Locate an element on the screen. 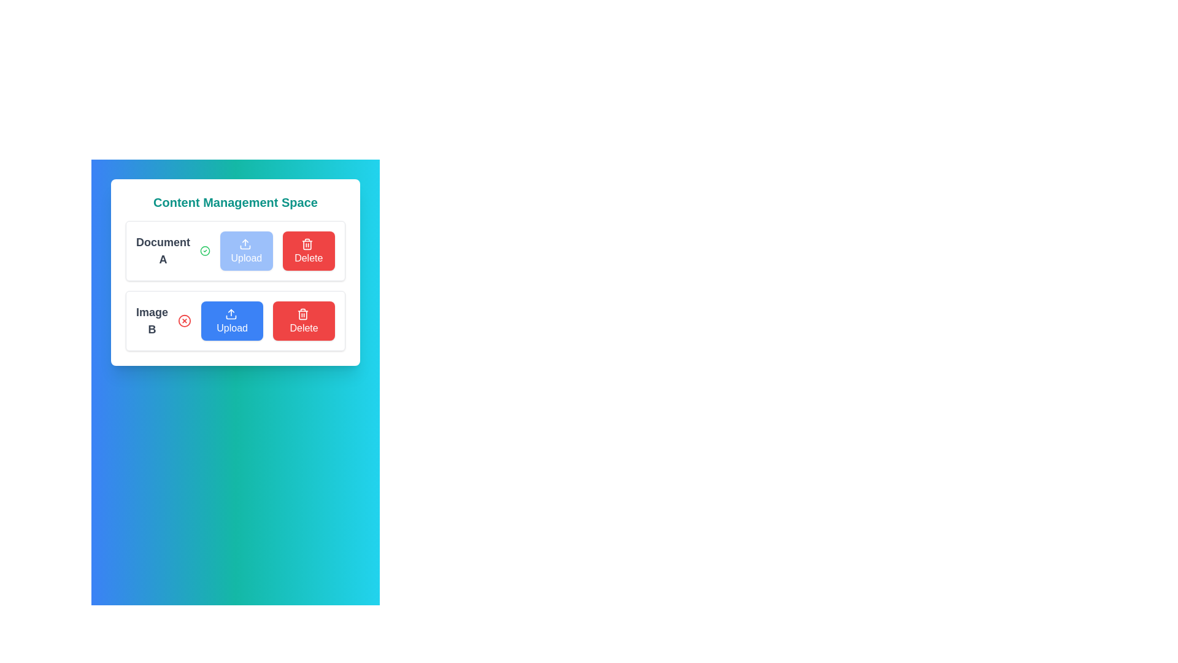 The image size is (1178, 663). the delete icon resembling a trash can within the red 'Delete' button located in the second row of the list interface for accessibility interaction is located at coordinates (302, 313).